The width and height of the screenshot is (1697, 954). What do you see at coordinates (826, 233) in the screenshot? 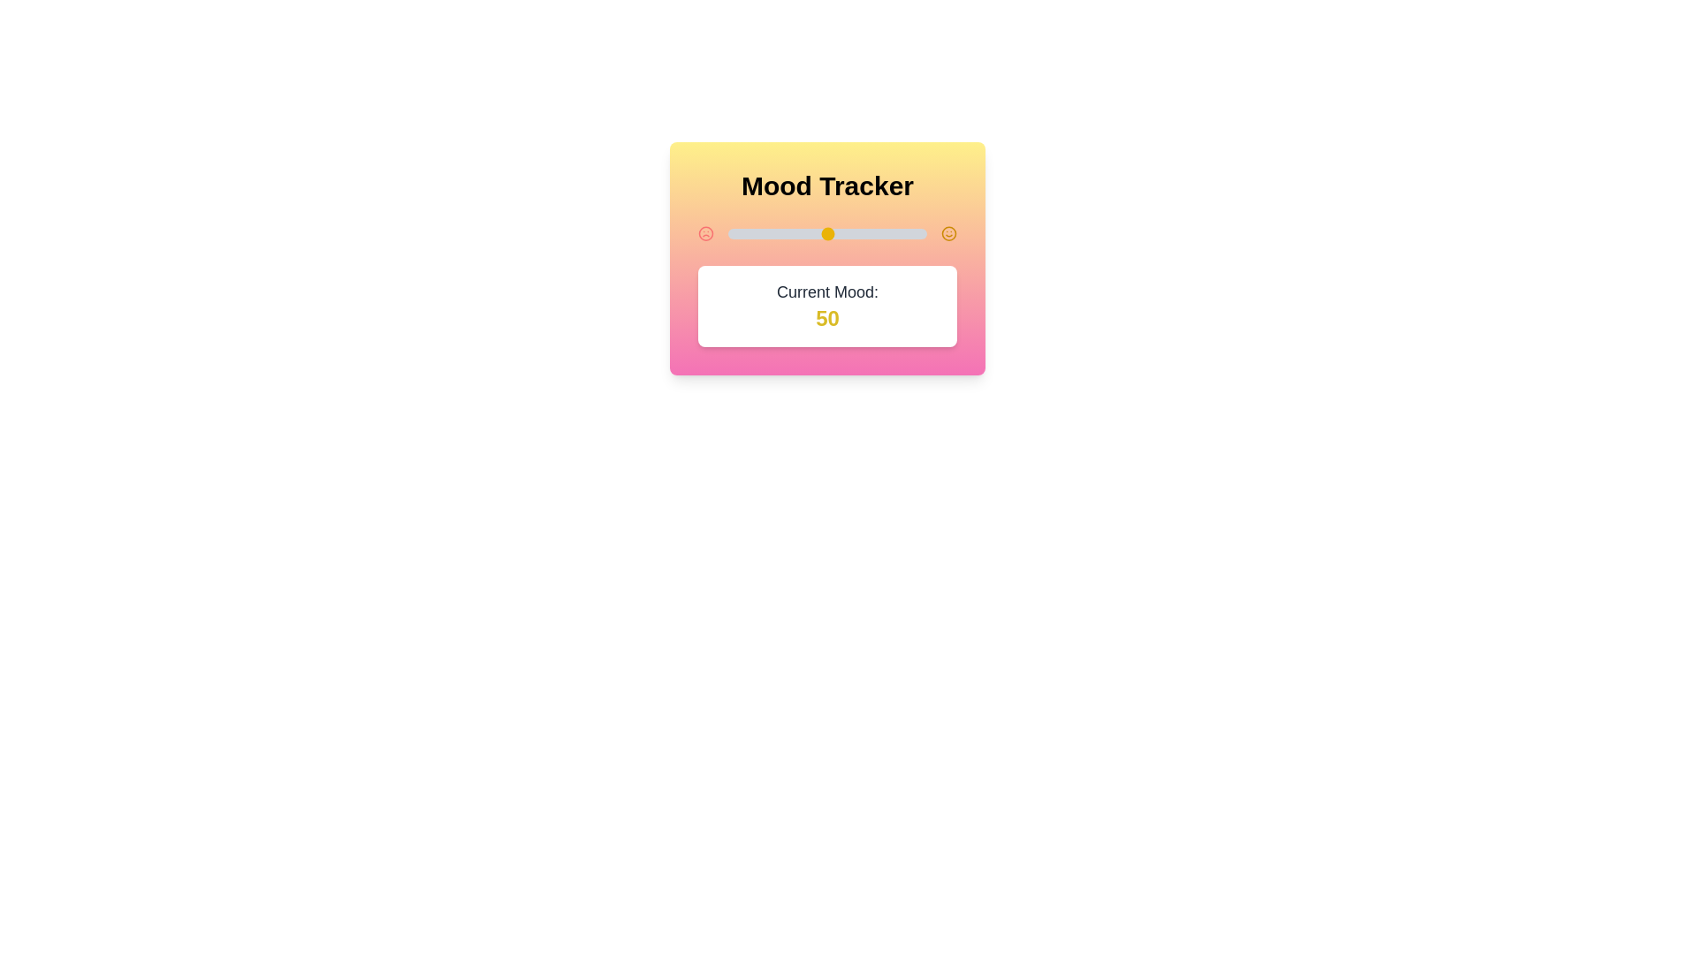
I see `the slider to set the mood value to 50` at bounding box center [826, 233].